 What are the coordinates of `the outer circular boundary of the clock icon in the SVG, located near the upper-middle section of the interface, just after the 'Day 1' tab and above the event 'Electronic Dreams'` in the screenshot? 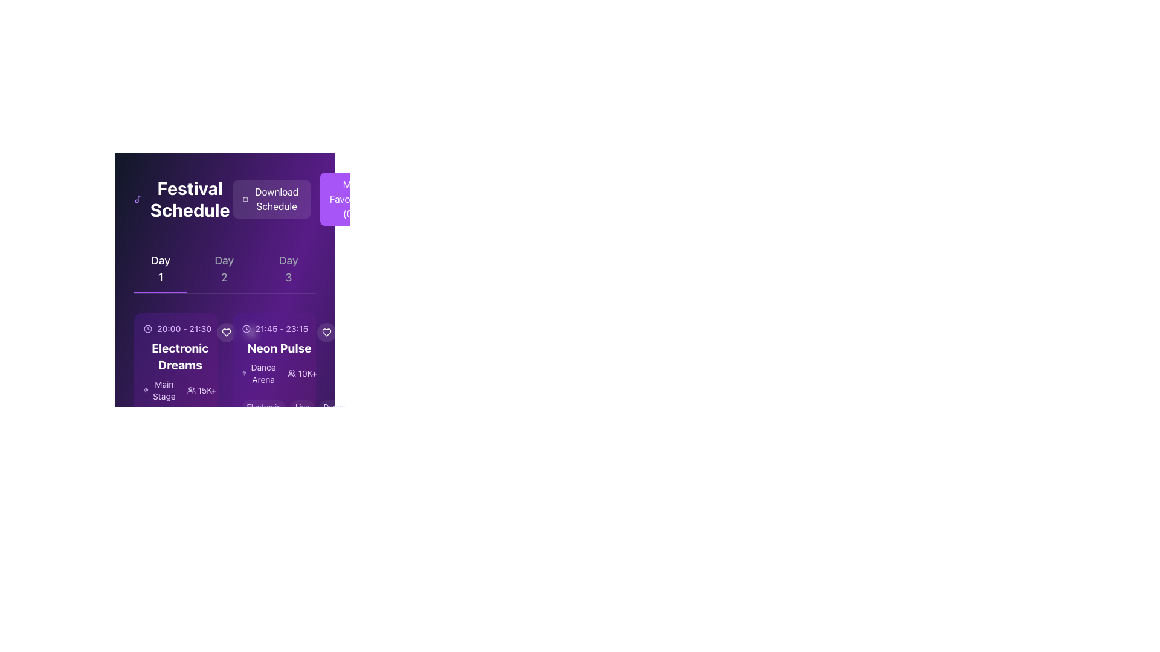 It's located at (147, 328).